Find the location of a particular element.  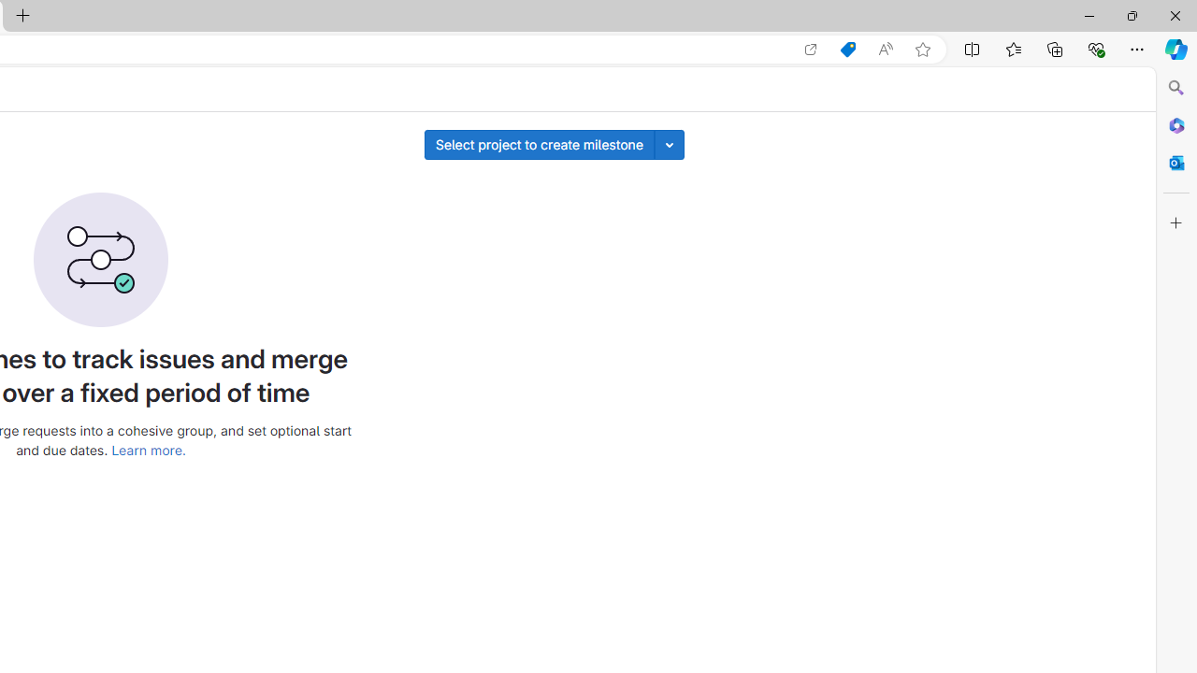

'Search' is located at coordinates (1175, 88).